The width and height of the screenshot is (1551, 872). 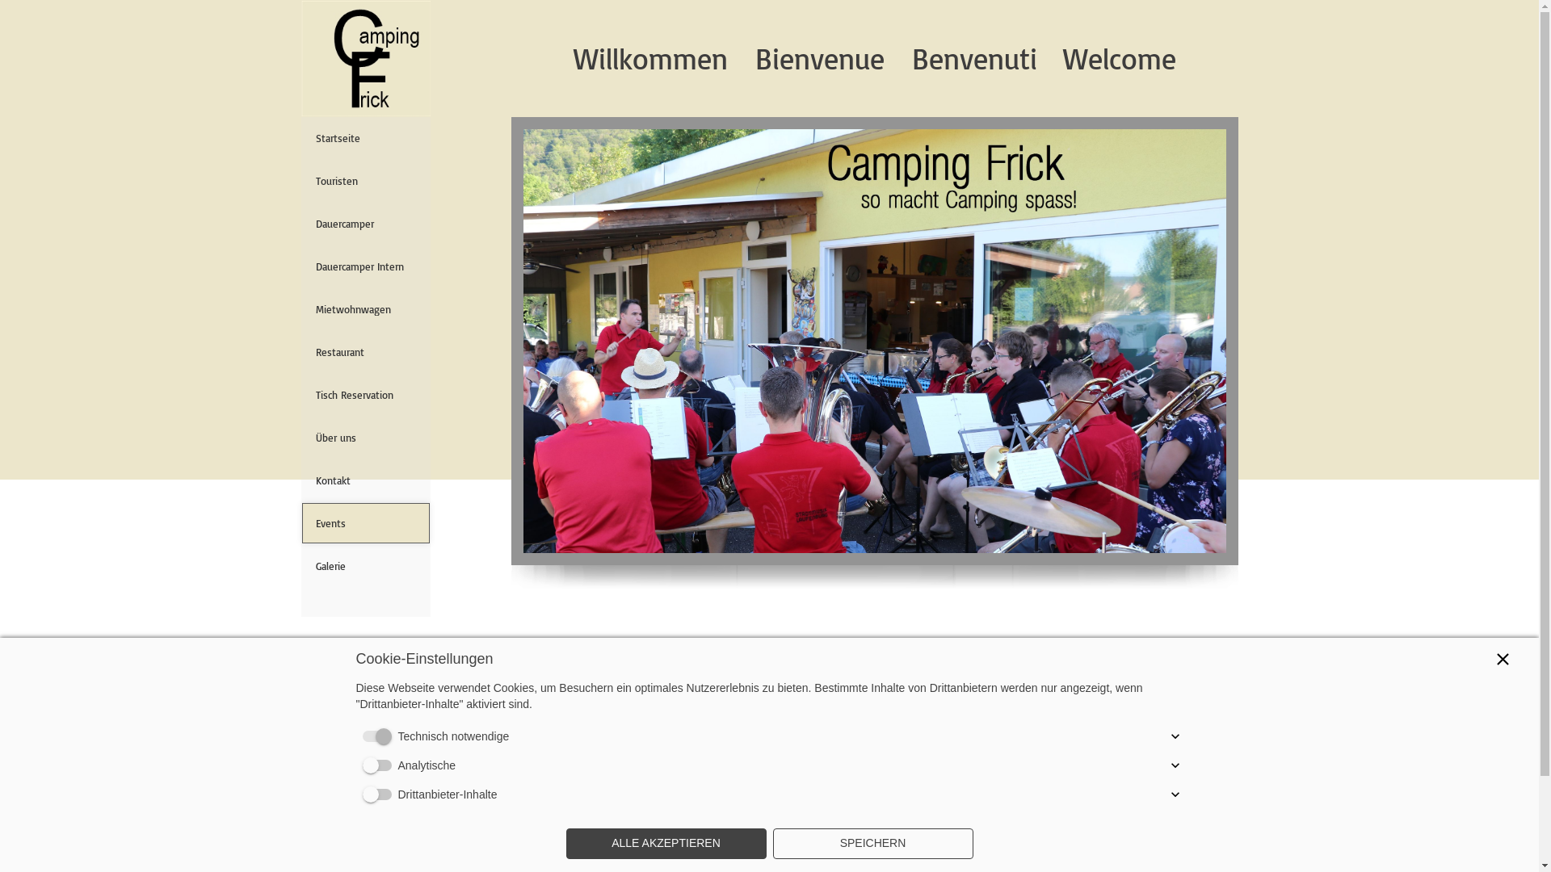 I want to click on 'Events', so click(x=364, y=523).